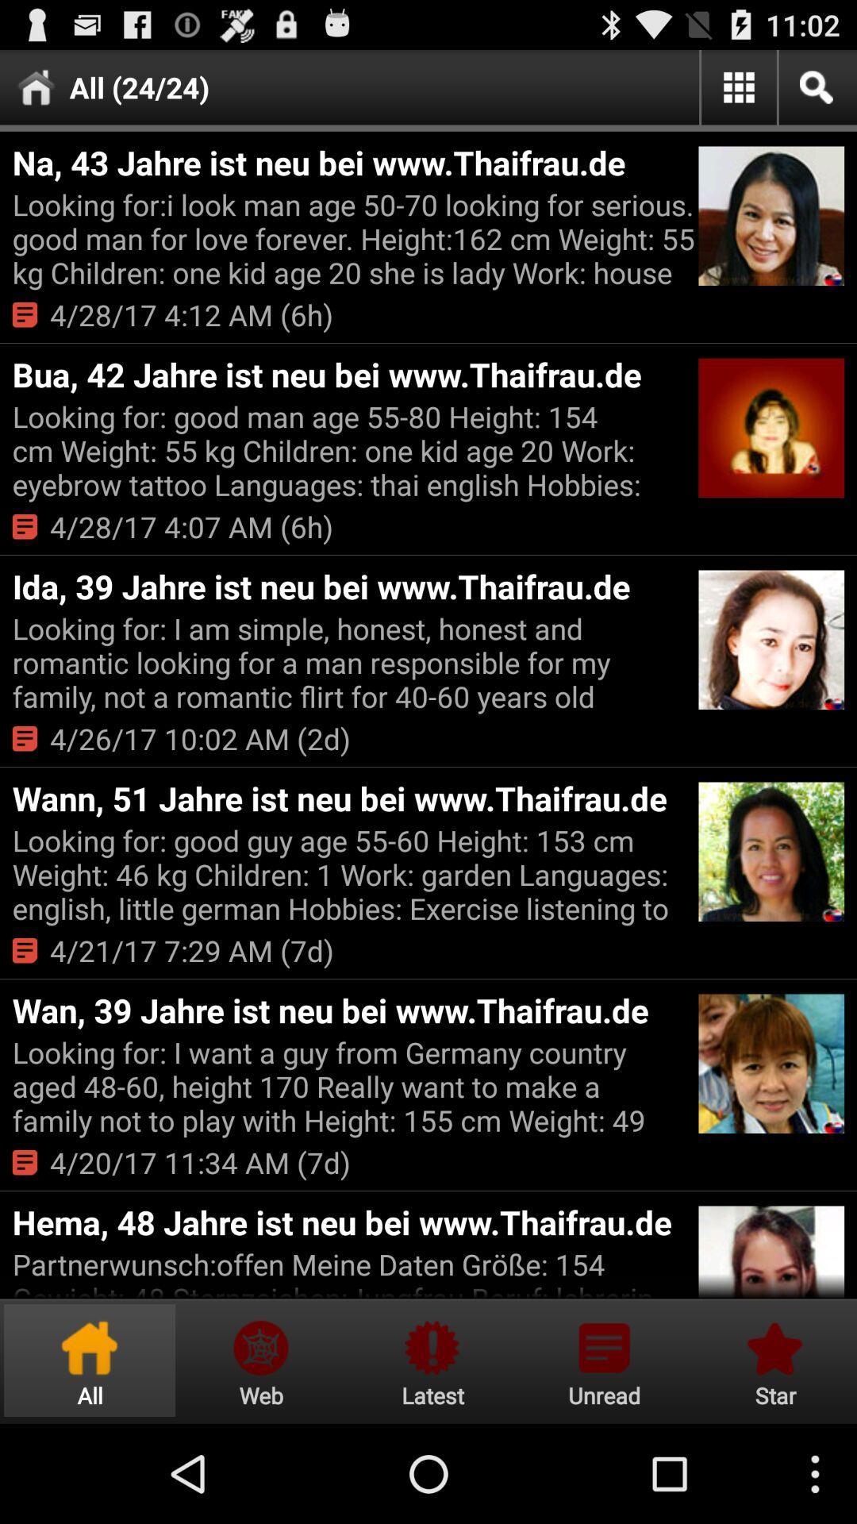 This screenshot has width=857, height=1524. What do you see at coordinates (817, 93) in the screenshot?
I see `the search icon` at bounding box center [817, 93].